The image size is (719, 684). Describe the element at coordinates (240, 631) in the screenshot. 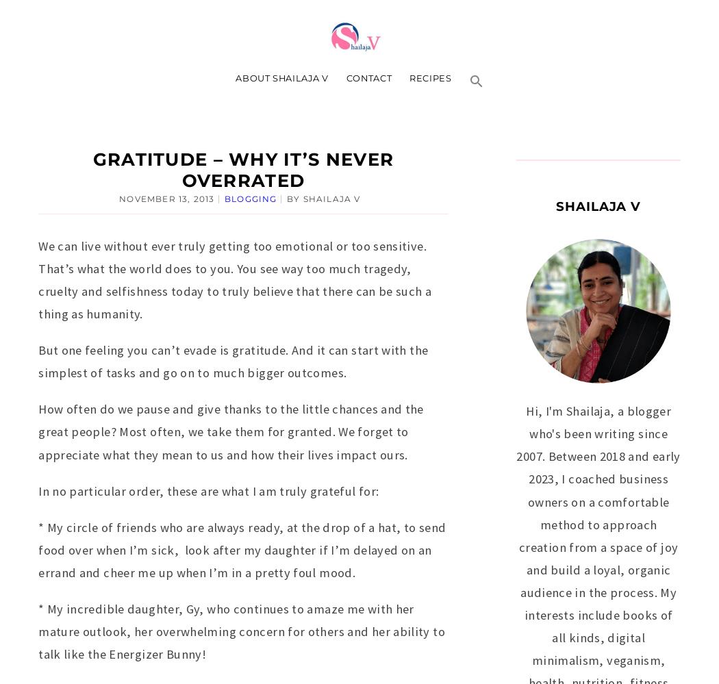

I see `'* My incredible daughter, Gy, who continues to amaze me with her mature outlook, her overwhelming concern for others and her ability to talk like the Energizer Bunny!'` at that location.